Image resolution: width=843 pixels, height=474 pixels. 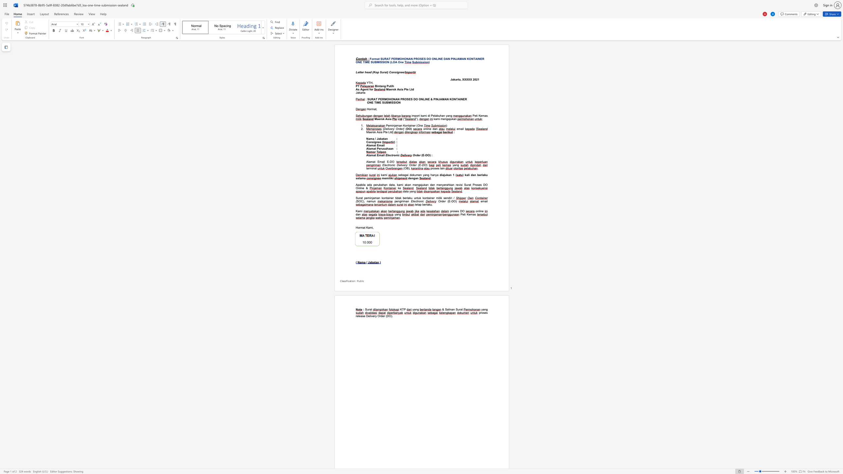 I want to click on the space between the continuous character "o" and "r" in the text, so click(x=372, y=89).